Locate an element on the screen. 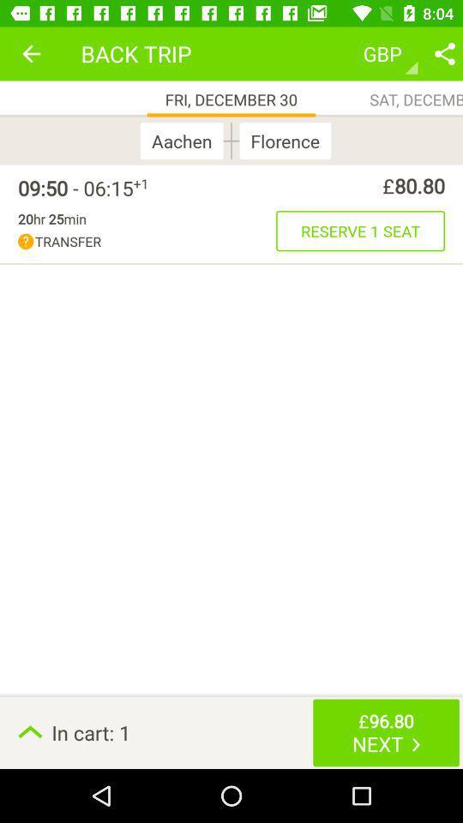  icon next to gbp icon is located at coordinates (444, 53).